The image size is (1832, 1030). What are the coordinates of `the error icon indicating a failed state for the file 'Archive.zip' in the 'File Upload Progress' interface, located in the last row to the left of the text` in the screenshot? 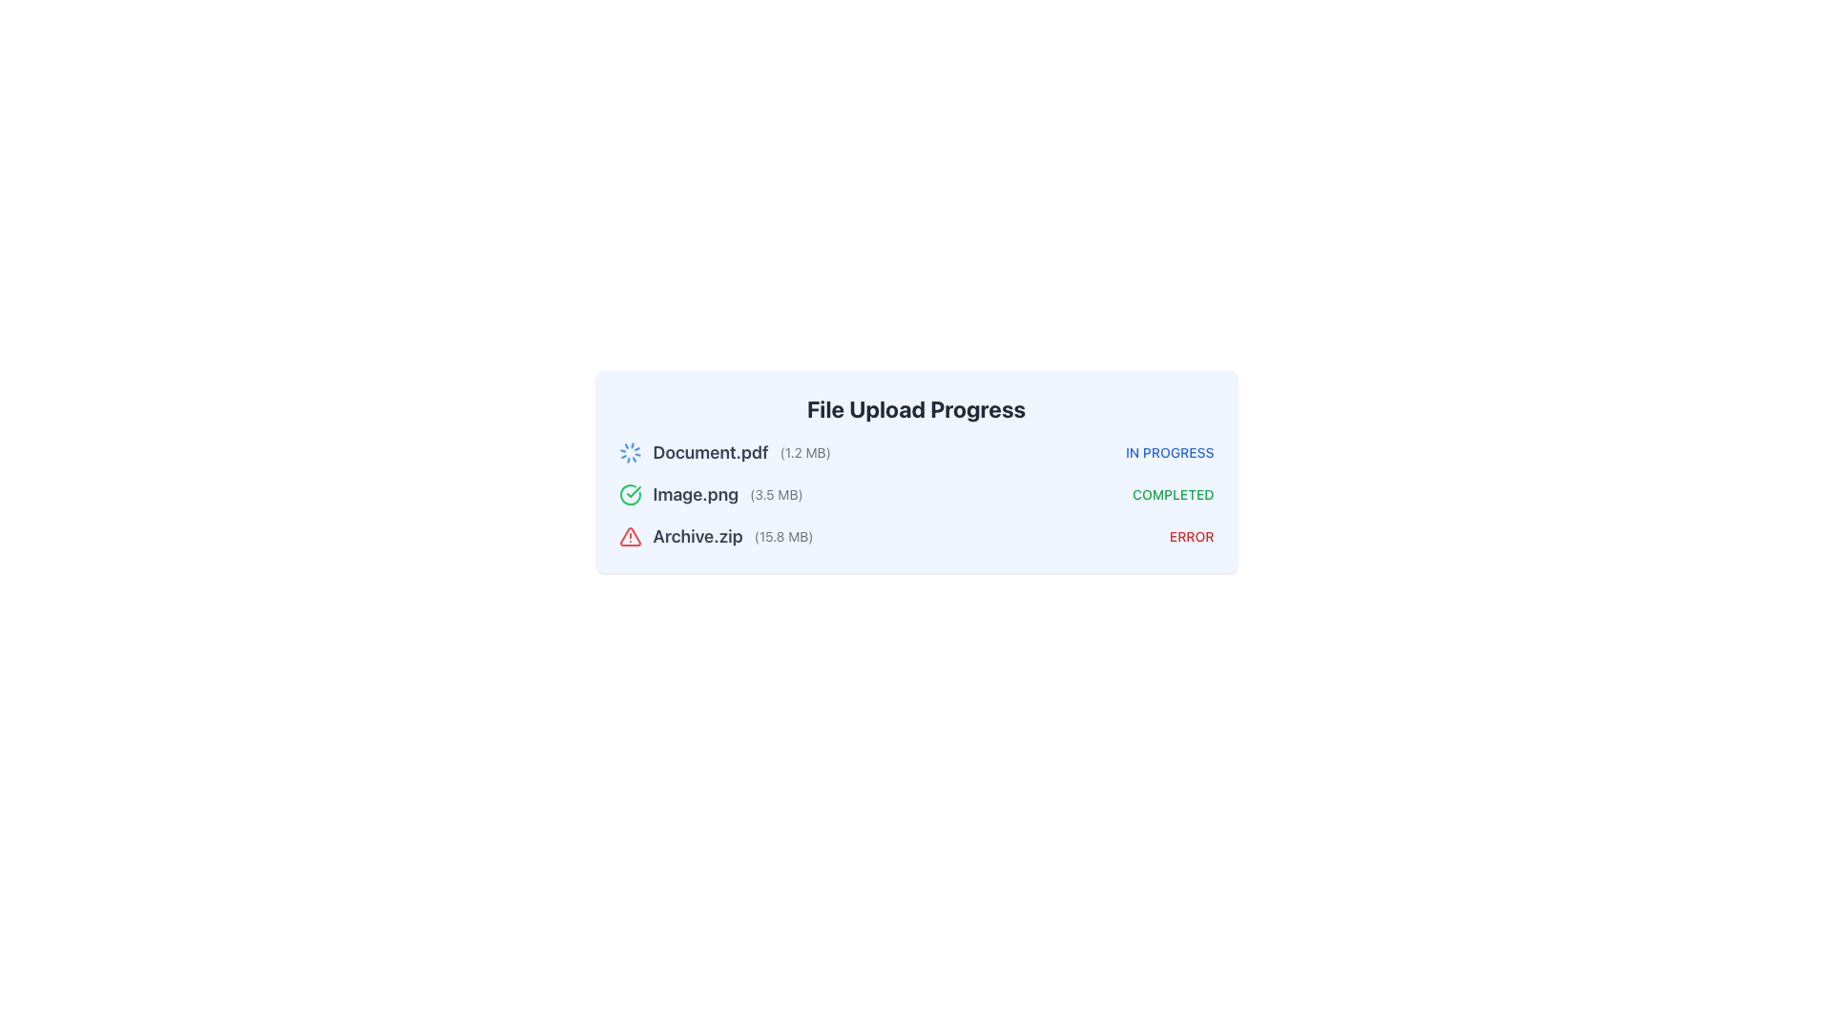 It's located at (630, 537).